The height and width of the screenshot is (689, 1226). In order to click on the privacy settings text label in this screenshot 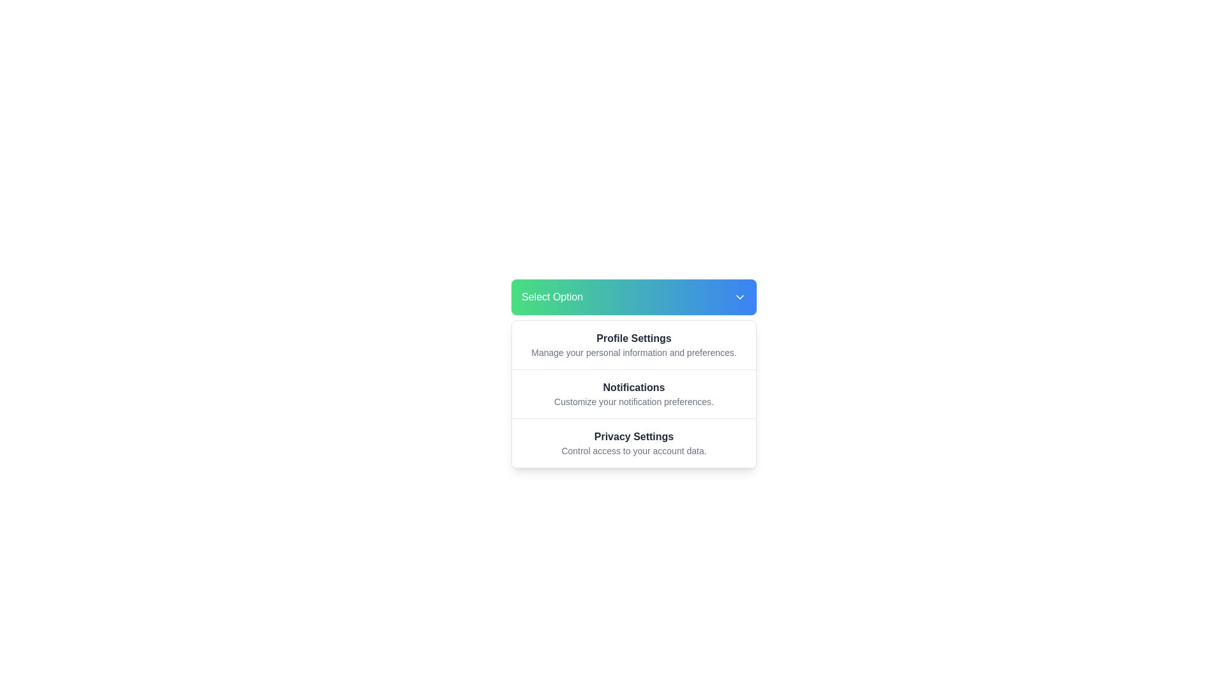, I will do `click(634, 436)`.